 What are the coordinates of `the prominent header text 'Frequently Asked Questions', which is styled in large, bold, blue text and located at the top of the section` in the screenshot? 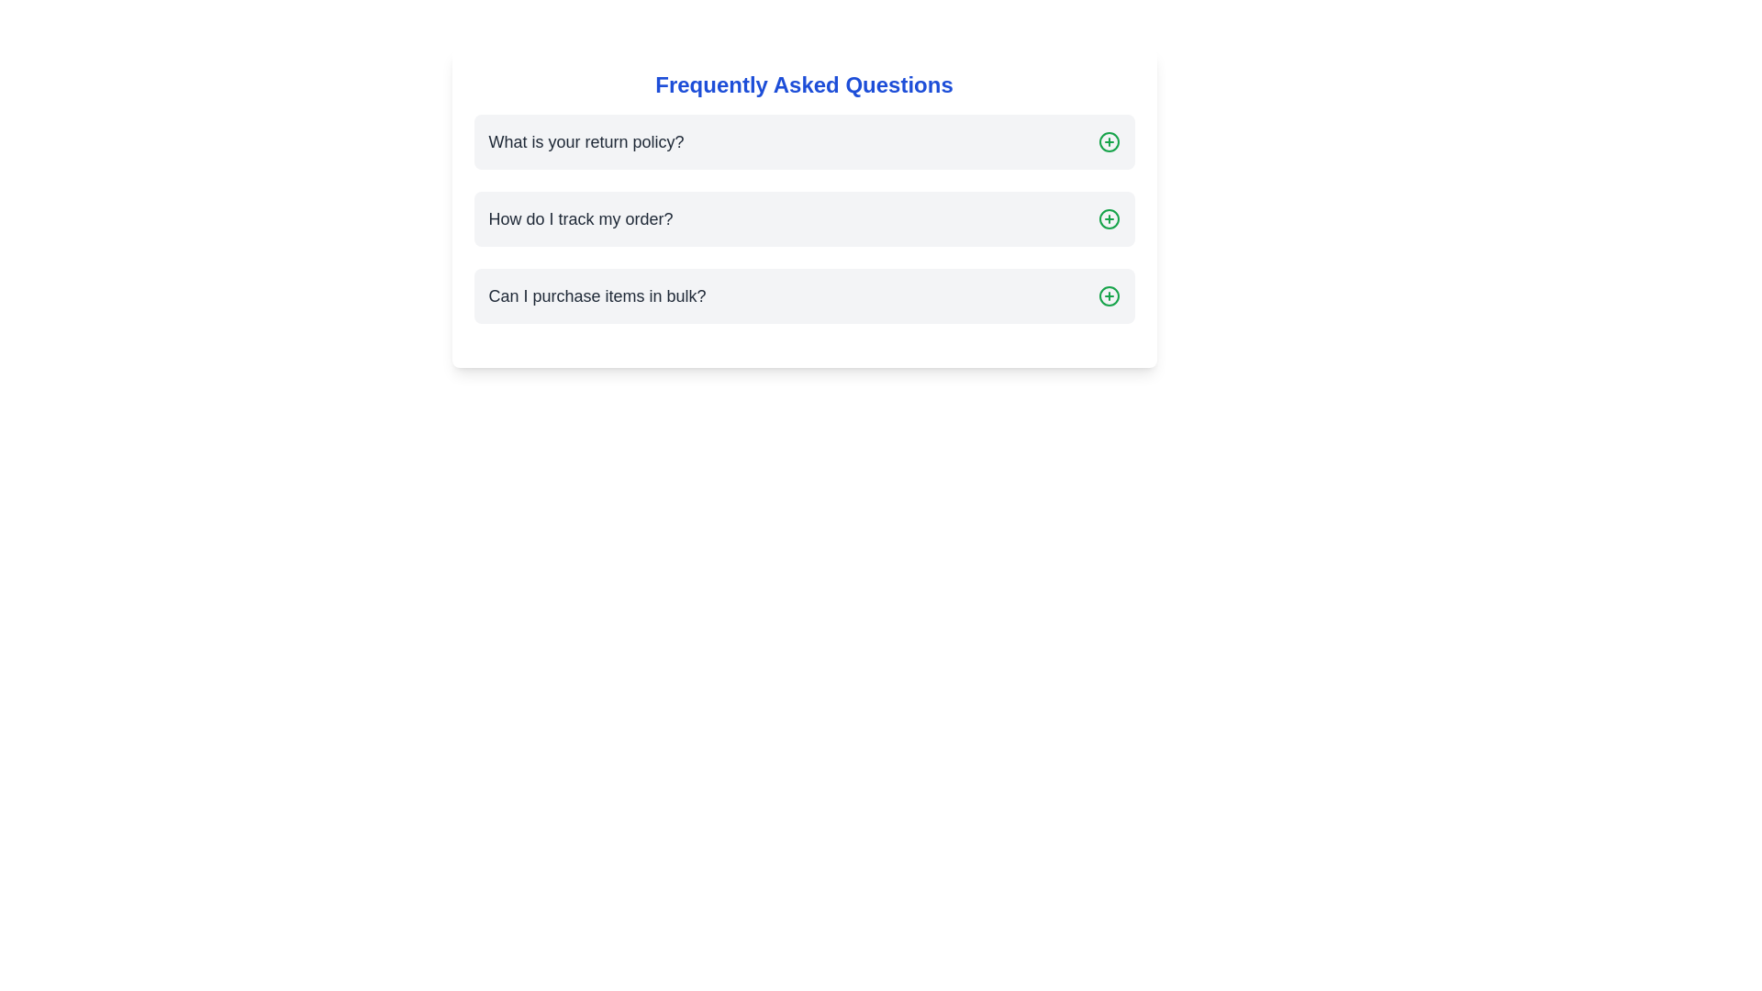 It's located at (804, 84).